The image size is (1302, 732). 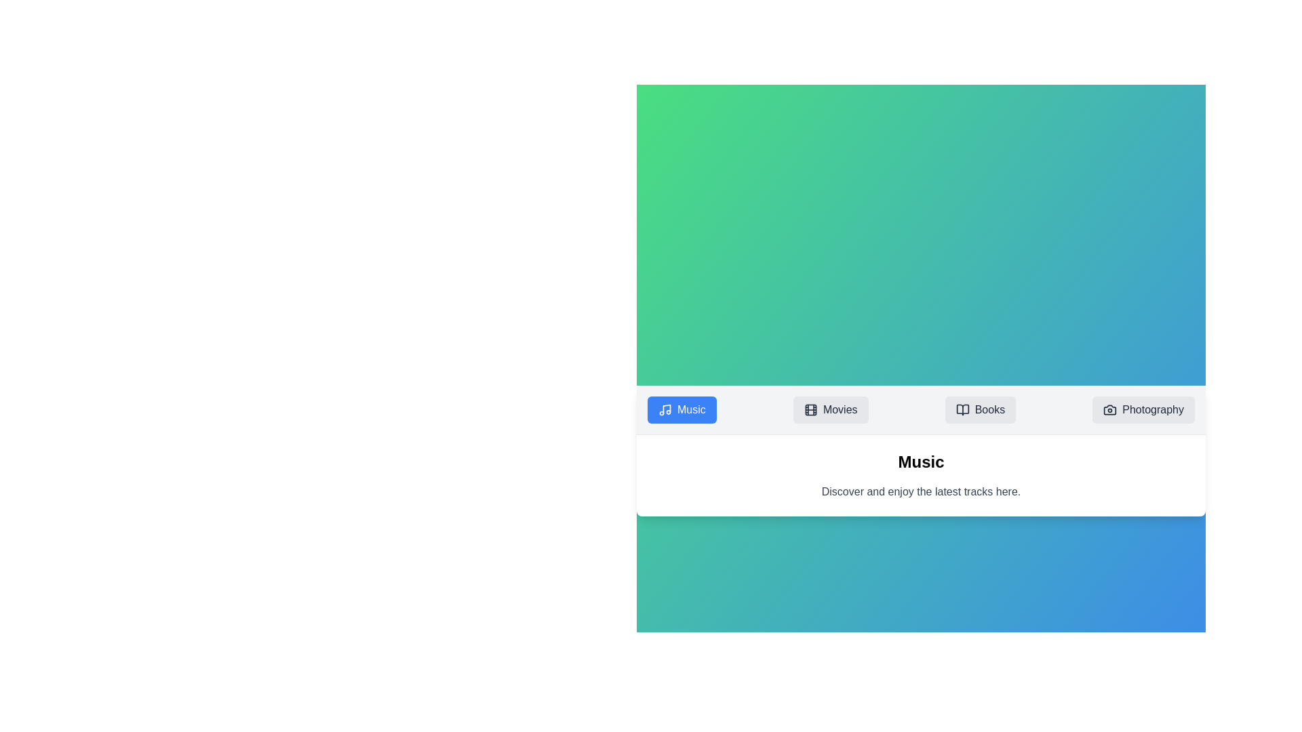 I want to click on the open book icon in the top center navigation menu, which is grouped with the 'Books' label, so click(x=962, y=409).